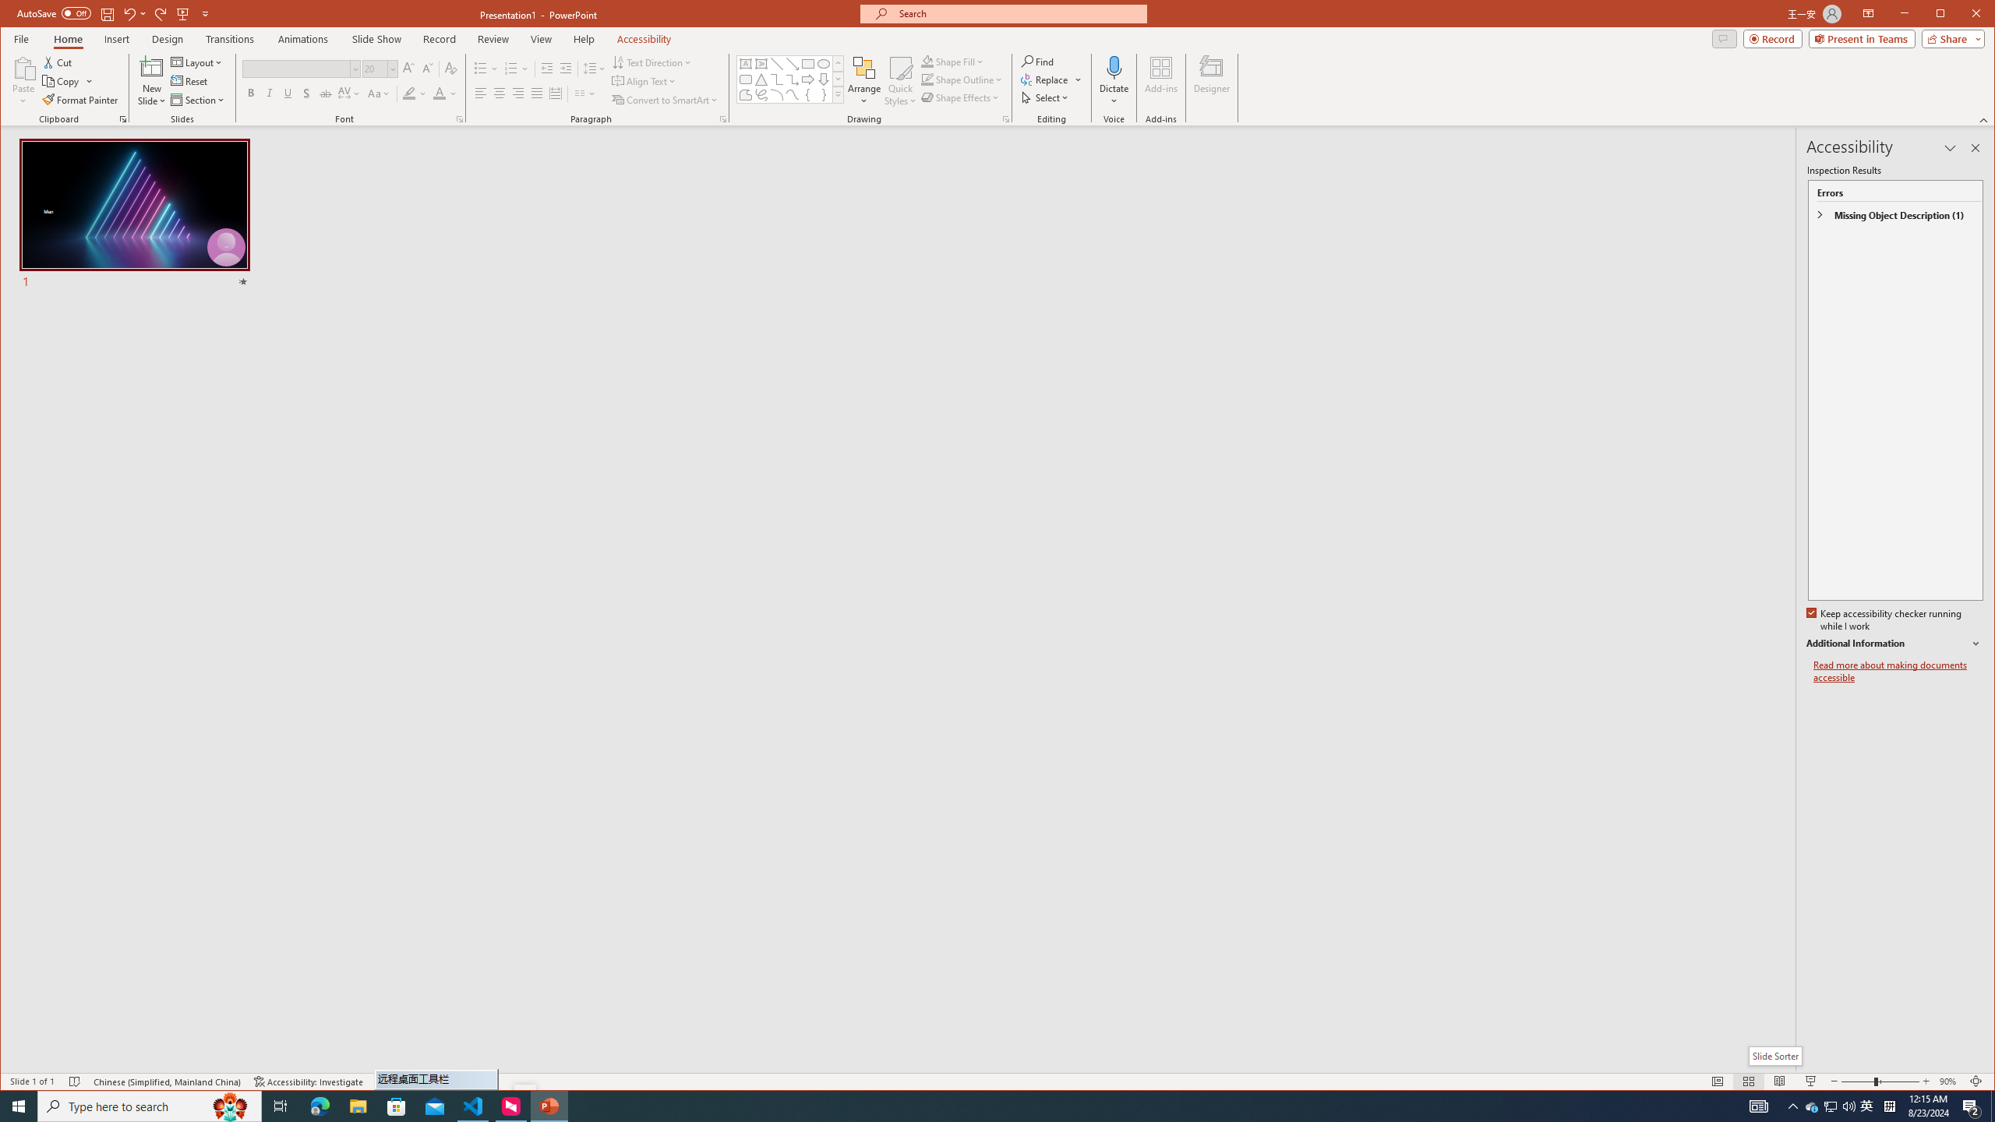 The width and height of the screenshot is (1995, 1122). Describe the element at coordinates (1038, 61) in the screenshot. I see `'Find...'` at that location.